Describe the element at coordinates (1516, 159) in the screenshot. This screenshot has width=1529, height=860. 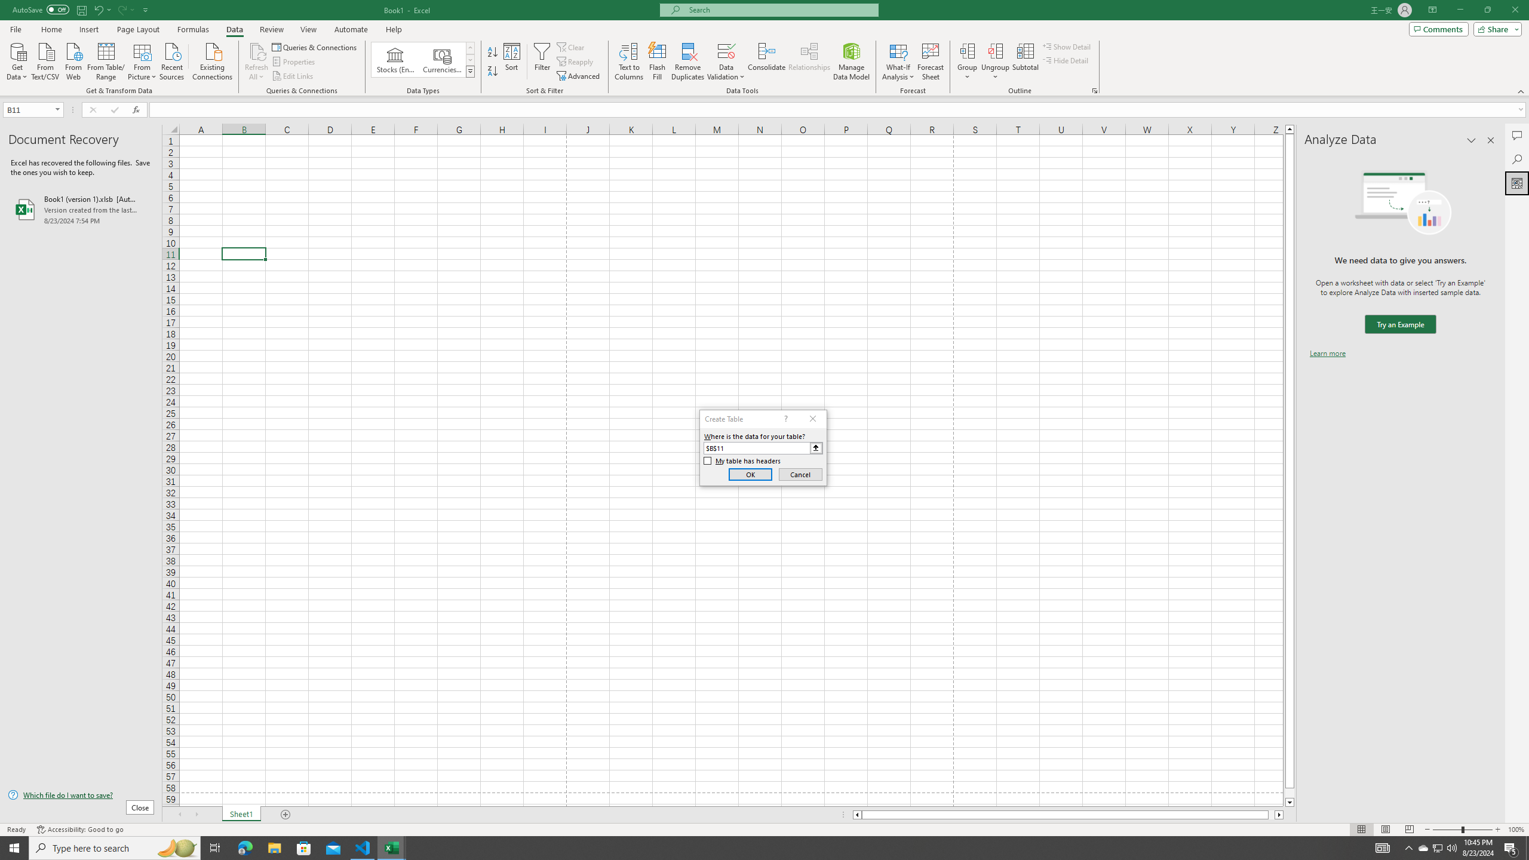
I see `'Search'` at that location.